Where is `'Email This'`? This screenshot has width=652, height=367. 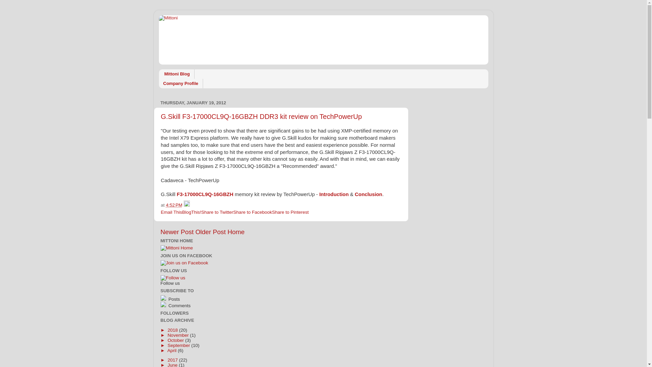 'Email This' is located at coordinates (171, 212).